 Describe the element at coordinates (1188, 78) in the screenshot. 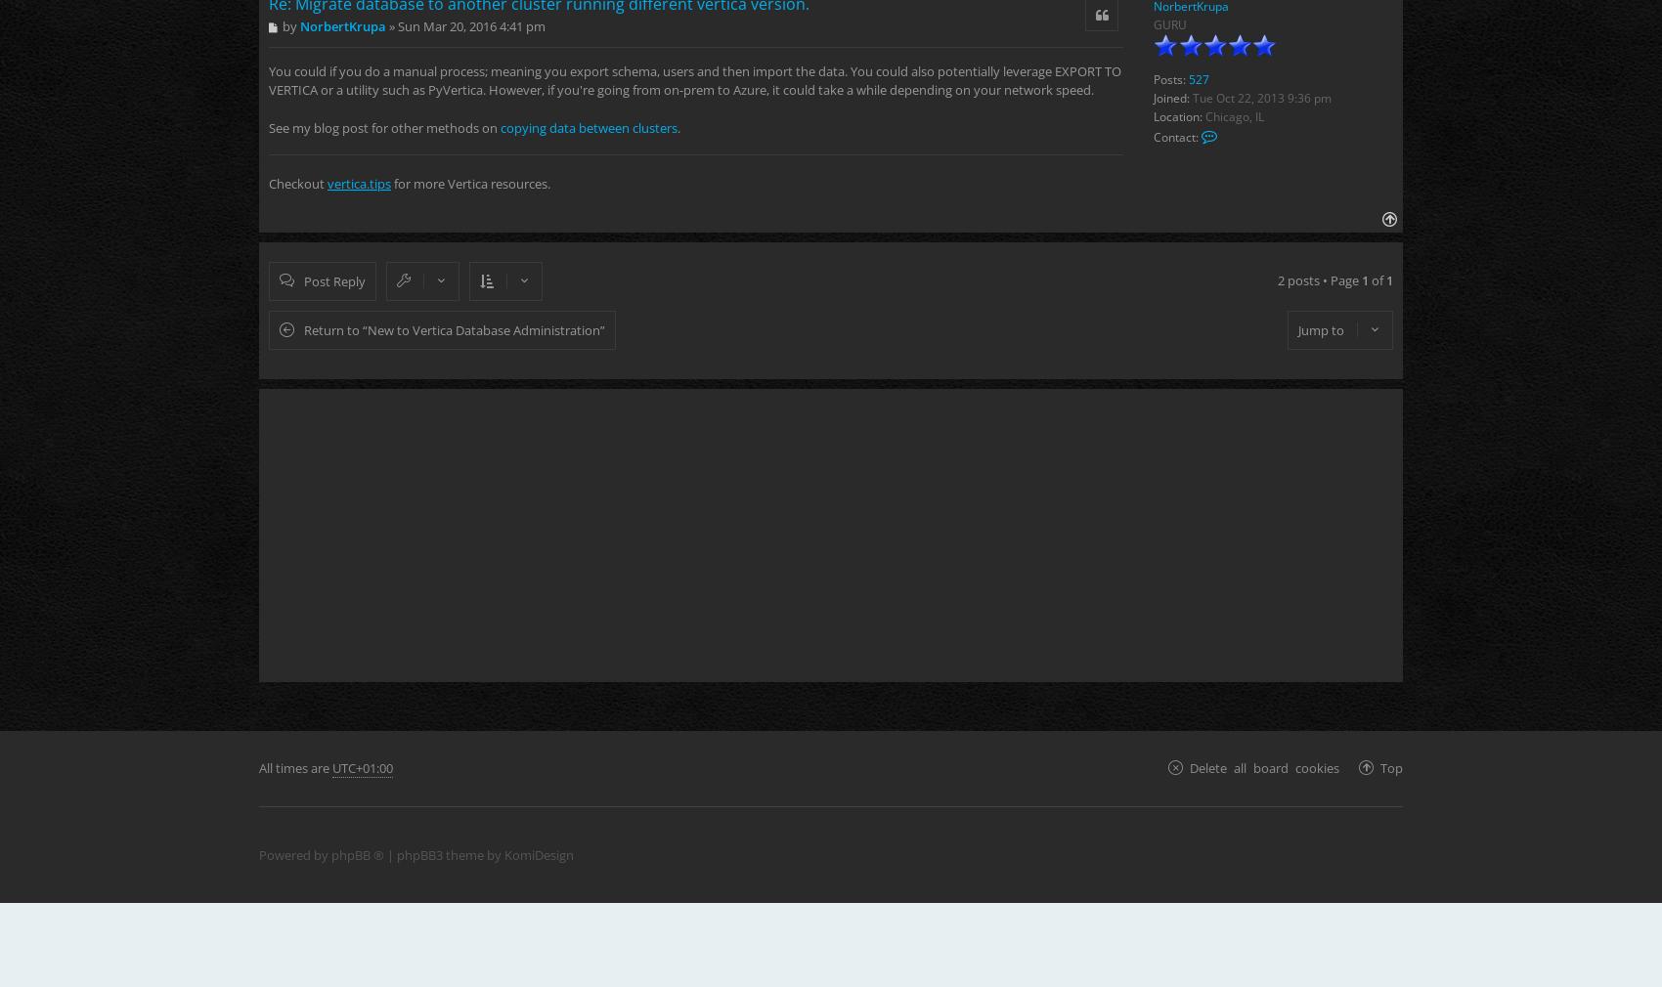

I see `'527'` at that location.